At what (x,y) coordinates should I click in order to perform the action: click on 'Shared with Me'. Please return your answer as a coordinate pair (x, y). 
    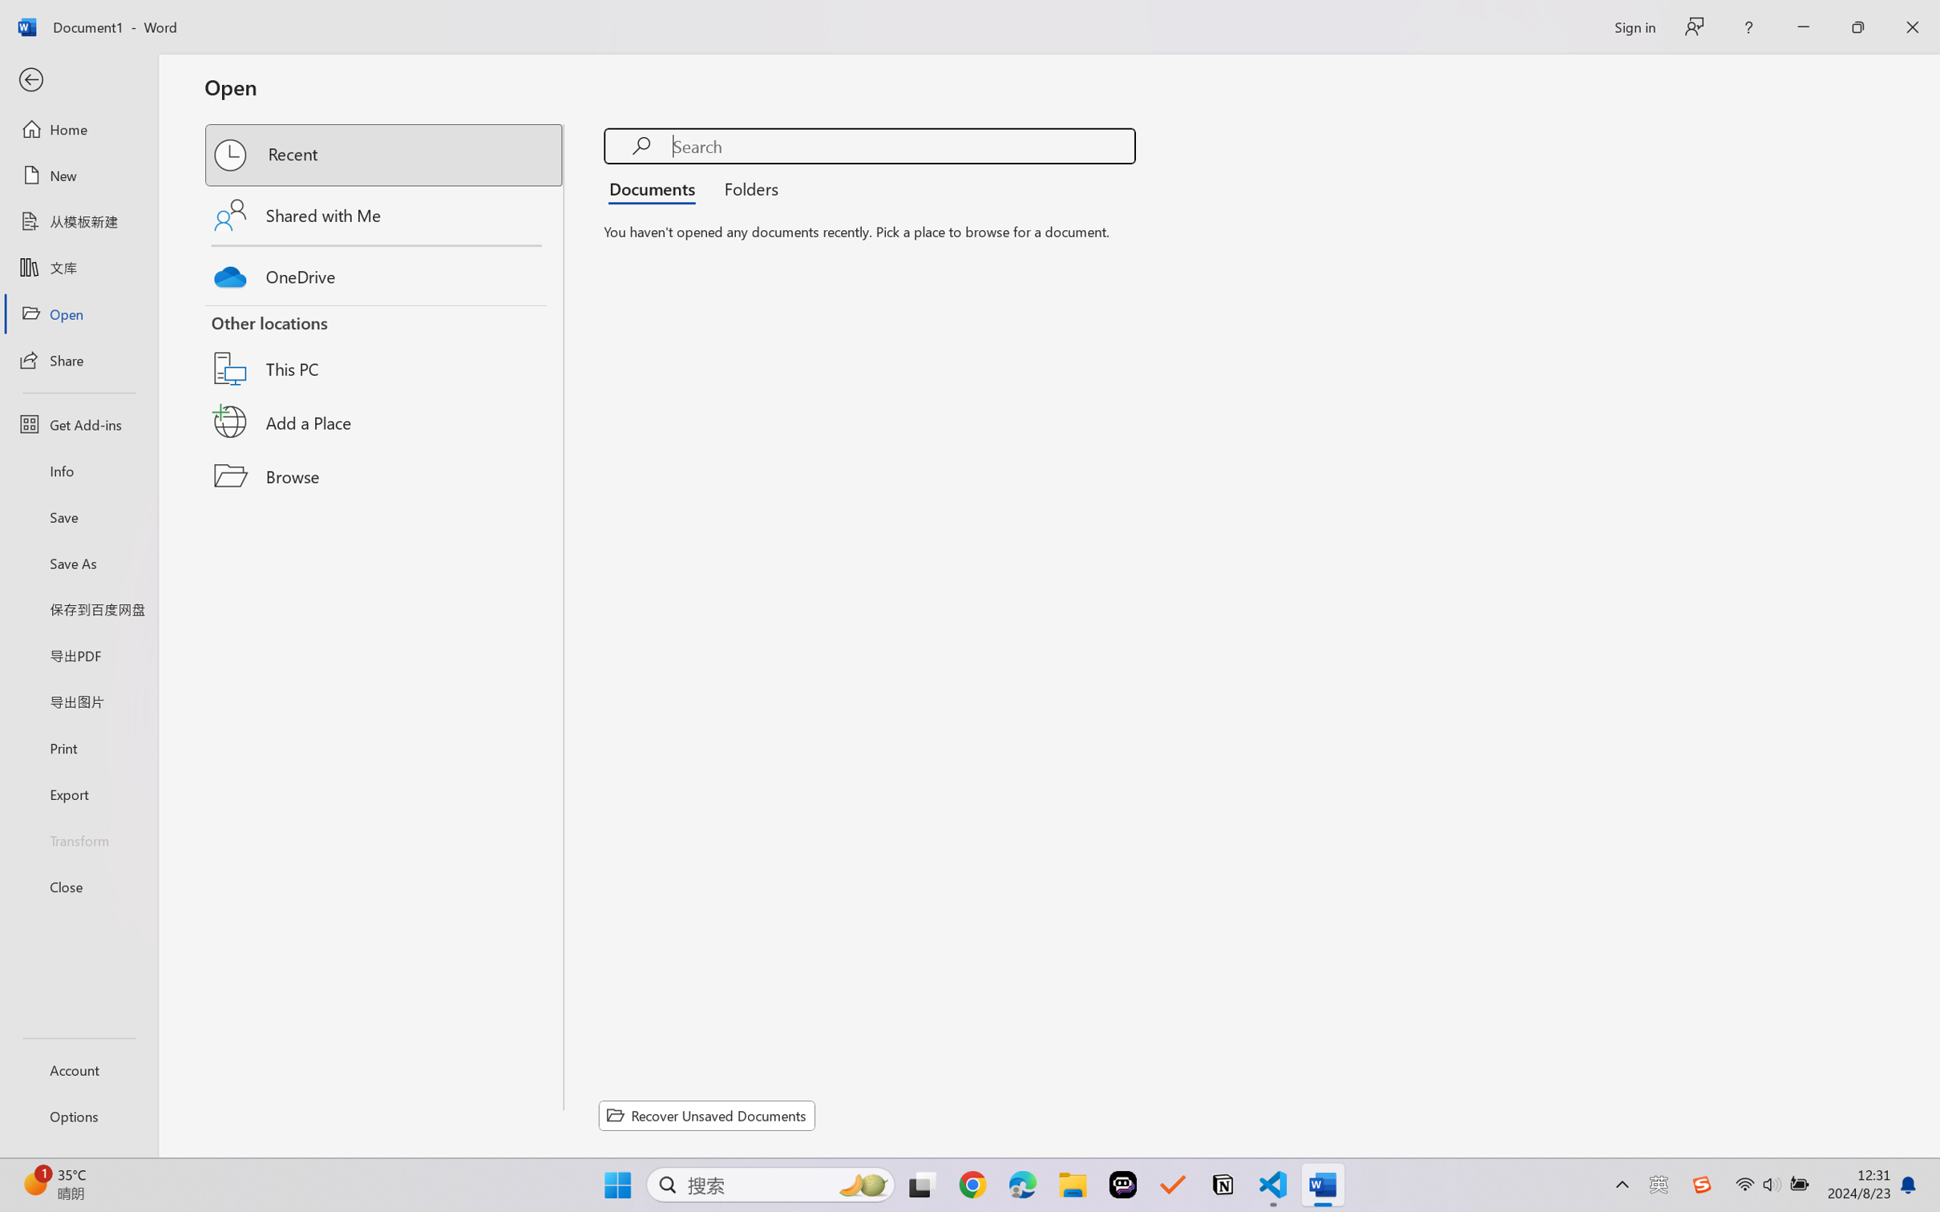
    Looking at the image, I should click on (385, 214).